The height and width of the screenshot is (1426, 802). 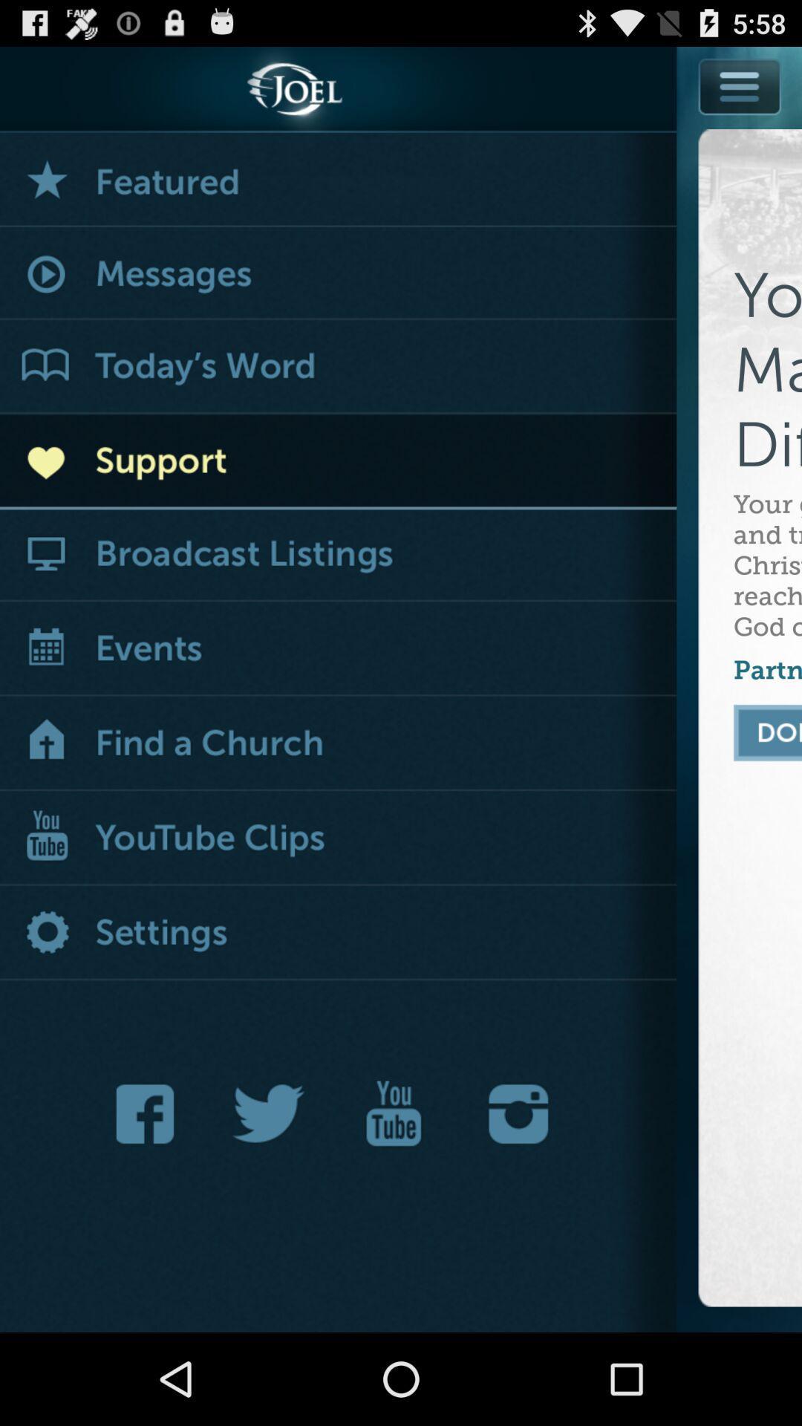 What do you see at coordinates (338, 367) in the screenshot?
I see `today 's word` at bounding box center [338, 367].